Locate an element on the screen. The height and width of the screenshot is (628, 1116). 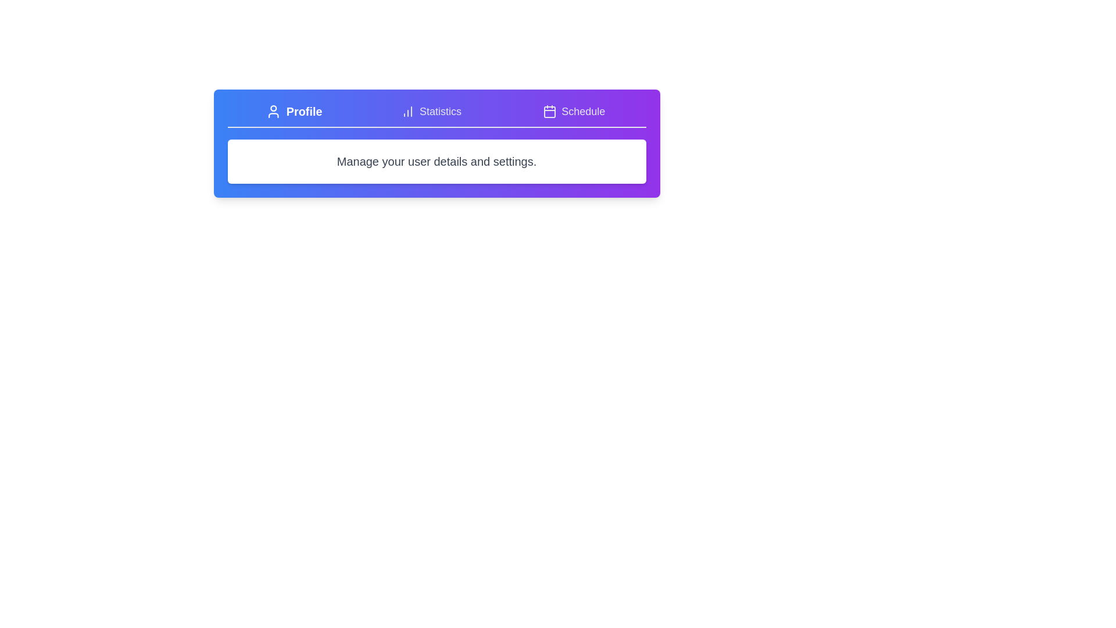
the tab labeled 'Schedule' and observe the displayed content is located at coordinates (574, 112).